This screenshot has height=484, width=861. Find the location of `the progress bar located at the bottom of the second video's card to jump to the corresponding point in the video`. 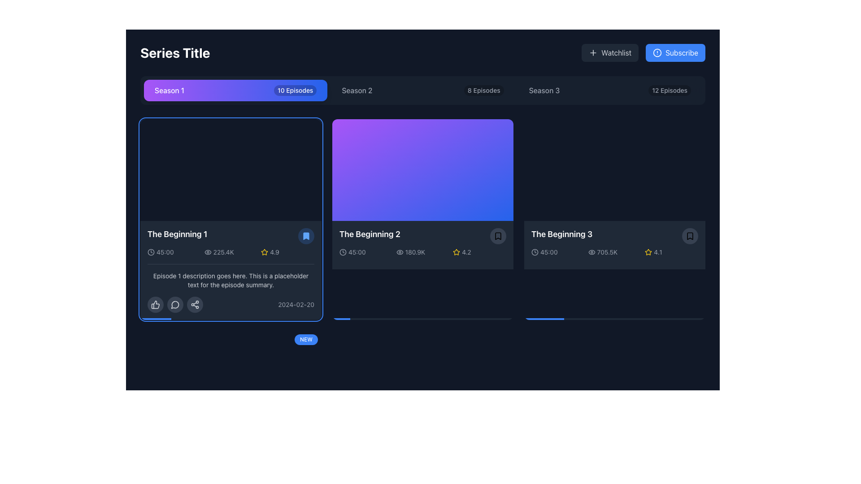

the progress bar located at the bottom of the second video's card to jump to the corresponding point in the video is located at coordinates (422, 319).